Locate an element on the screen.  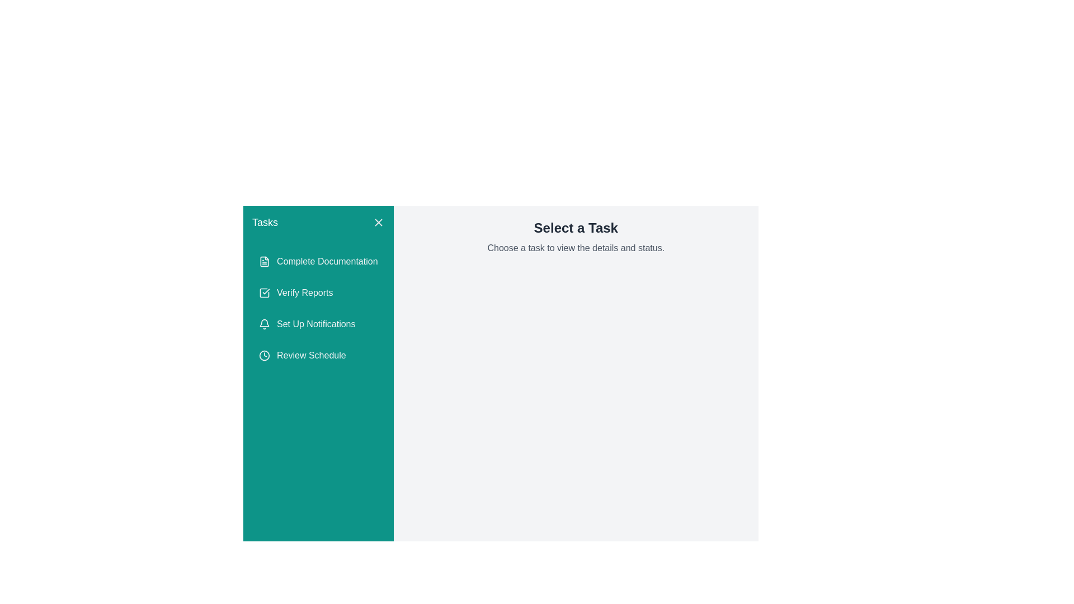
the bell-shaped icon located to the left of the 'Set Up Notifications' label in the task list on the left sidebar is located at coordinates (264, 324).